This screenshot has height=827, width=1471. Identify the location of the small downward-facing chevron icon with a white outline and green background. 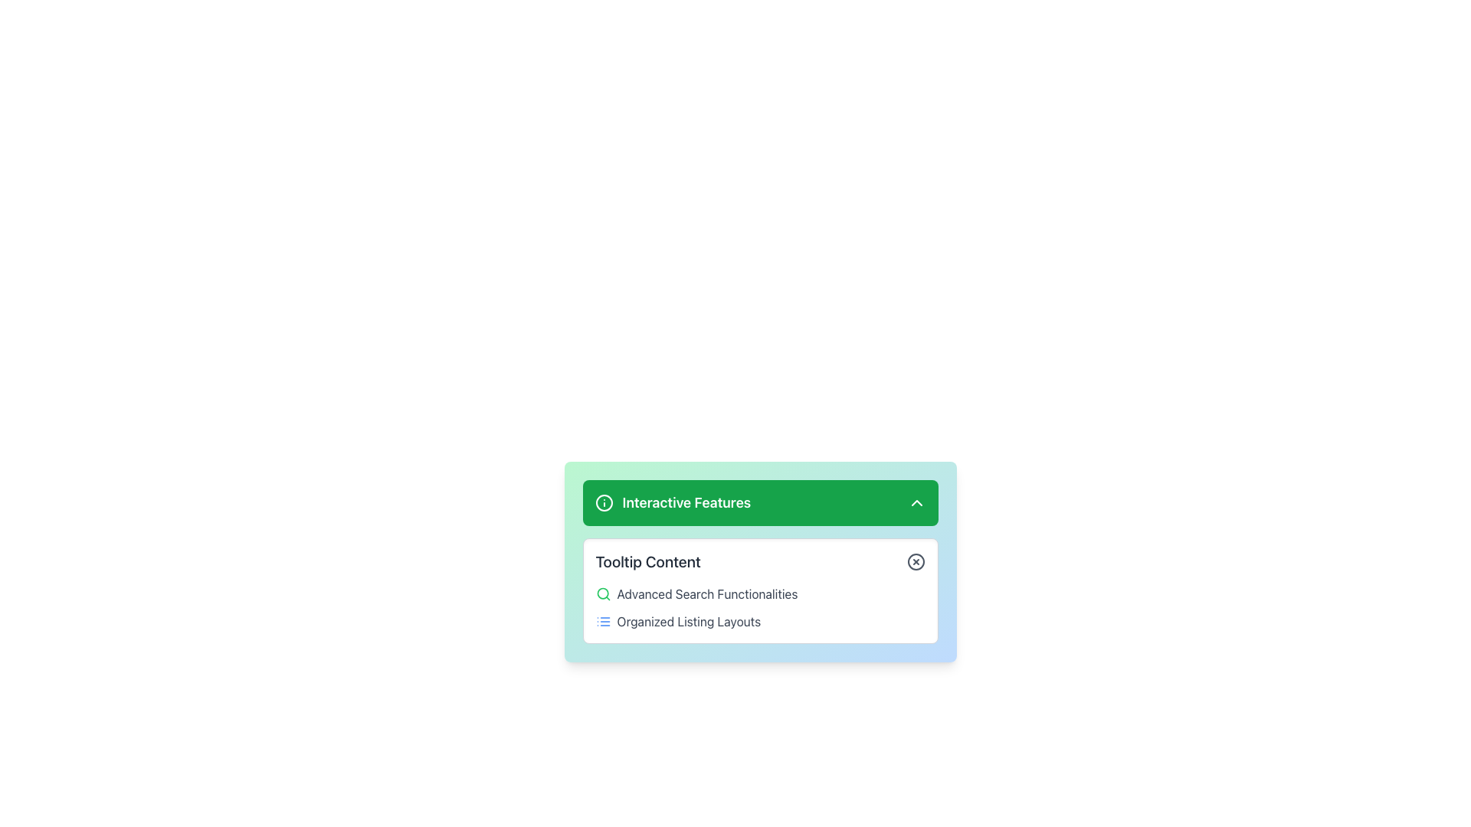
(916, 502).